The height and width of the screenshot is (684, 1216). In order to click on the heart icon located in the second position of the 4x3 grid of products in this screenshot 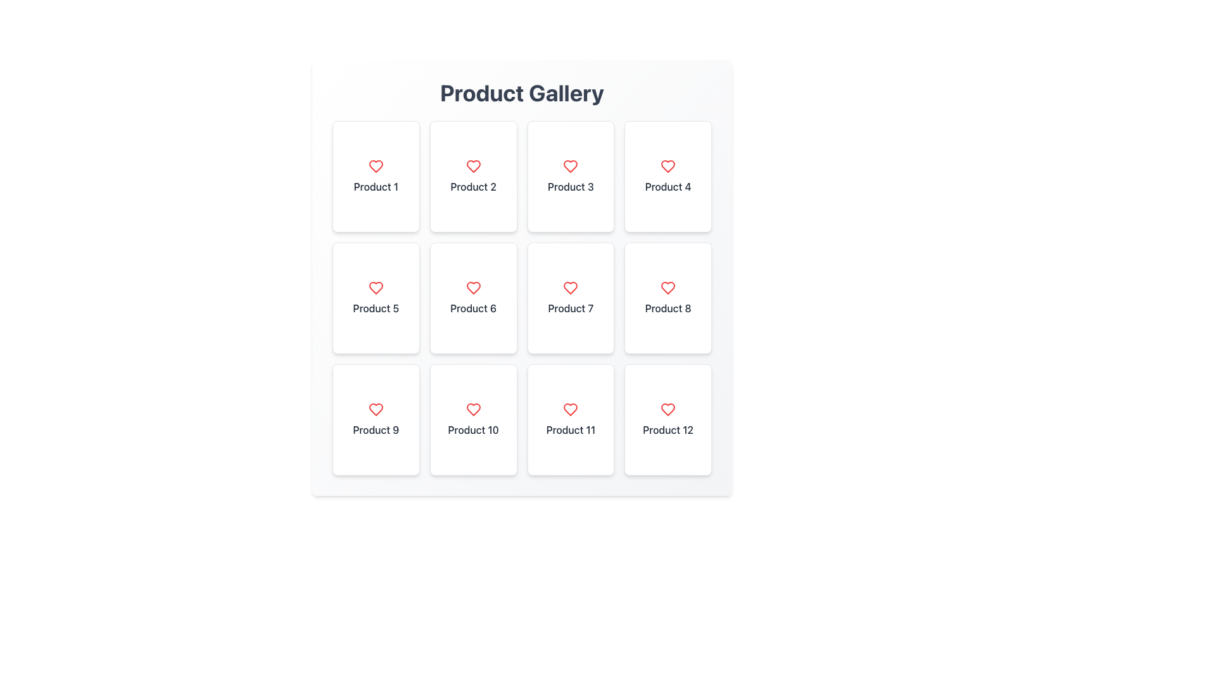, I will do `click(472, 165)`.